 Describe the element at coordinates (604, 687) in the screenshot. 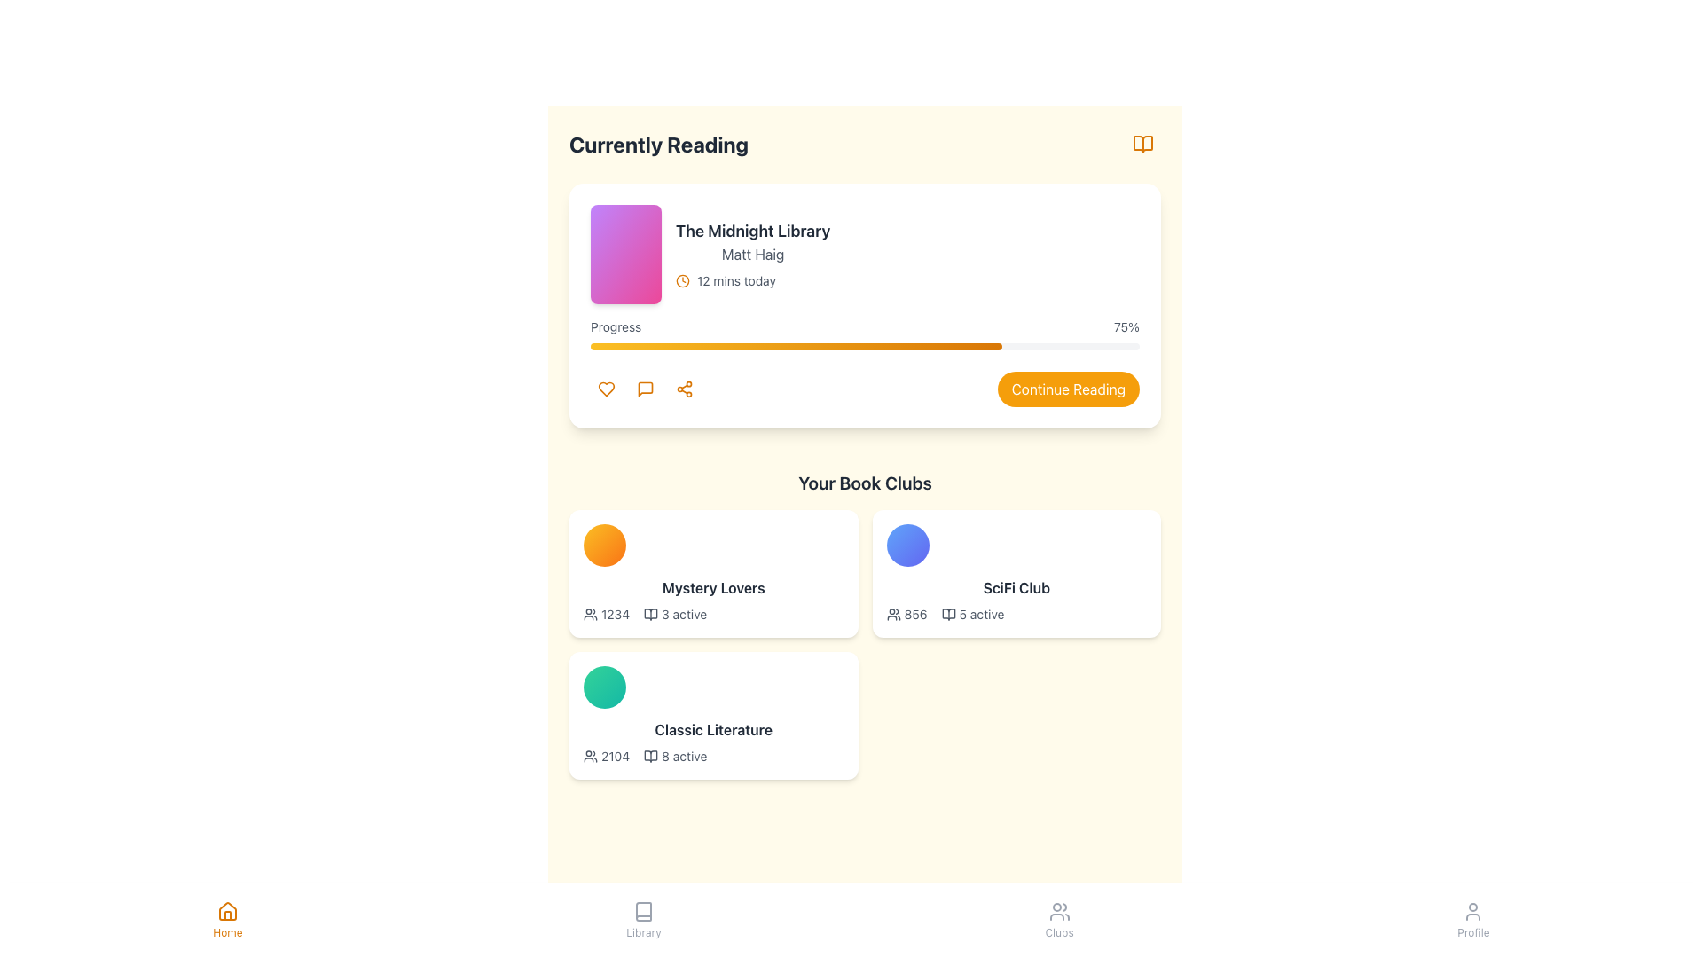

I see `the icon located at the top-left corner of the 'Classic Literature' card` at that location.